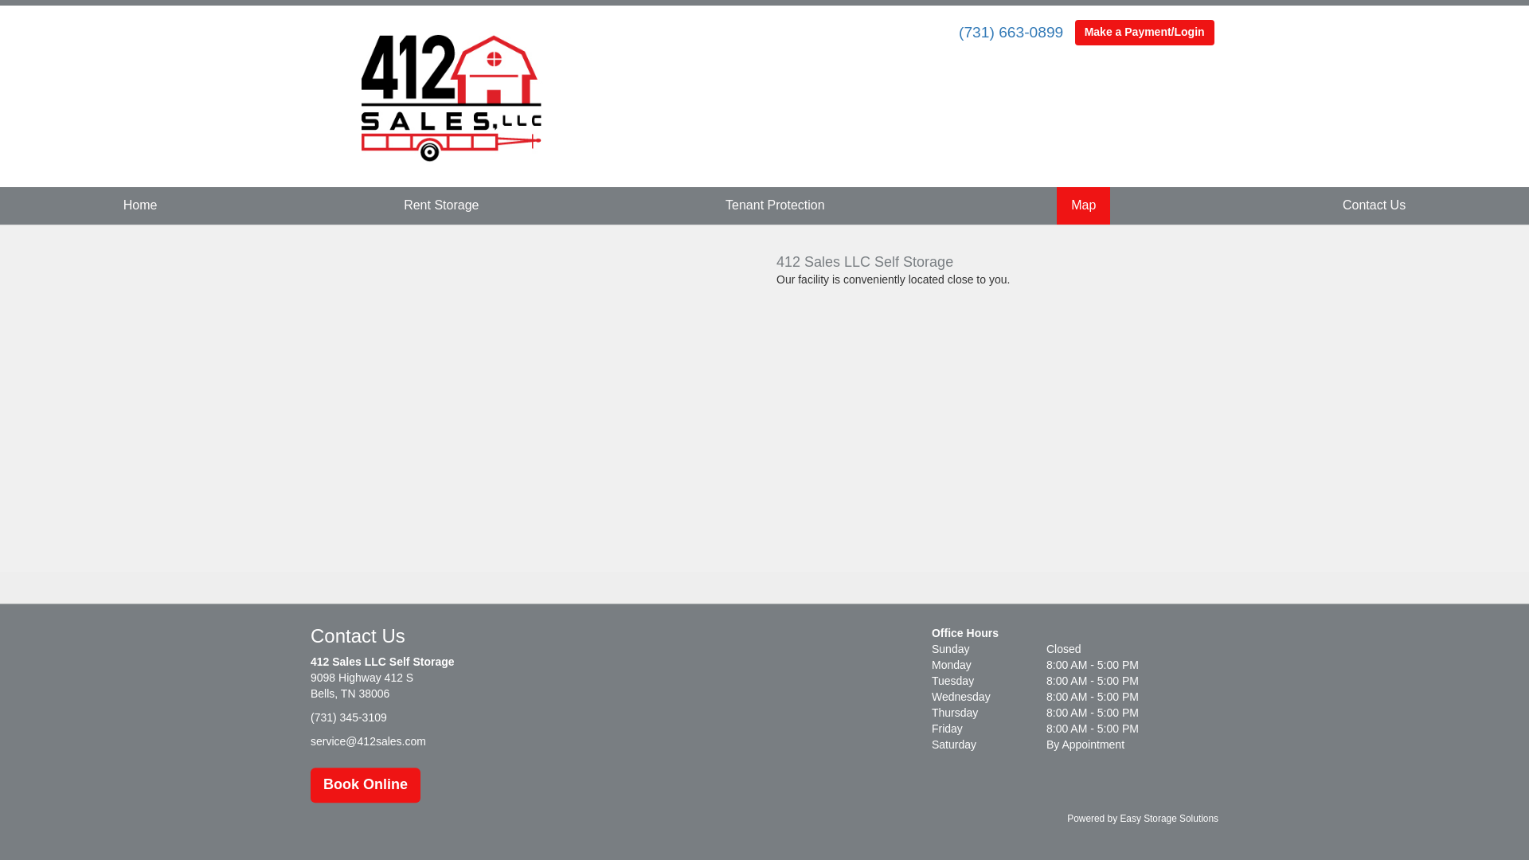  Describe the element at coordinates (365, 784) in the screenshot. I see `'Book Online'` at that location.